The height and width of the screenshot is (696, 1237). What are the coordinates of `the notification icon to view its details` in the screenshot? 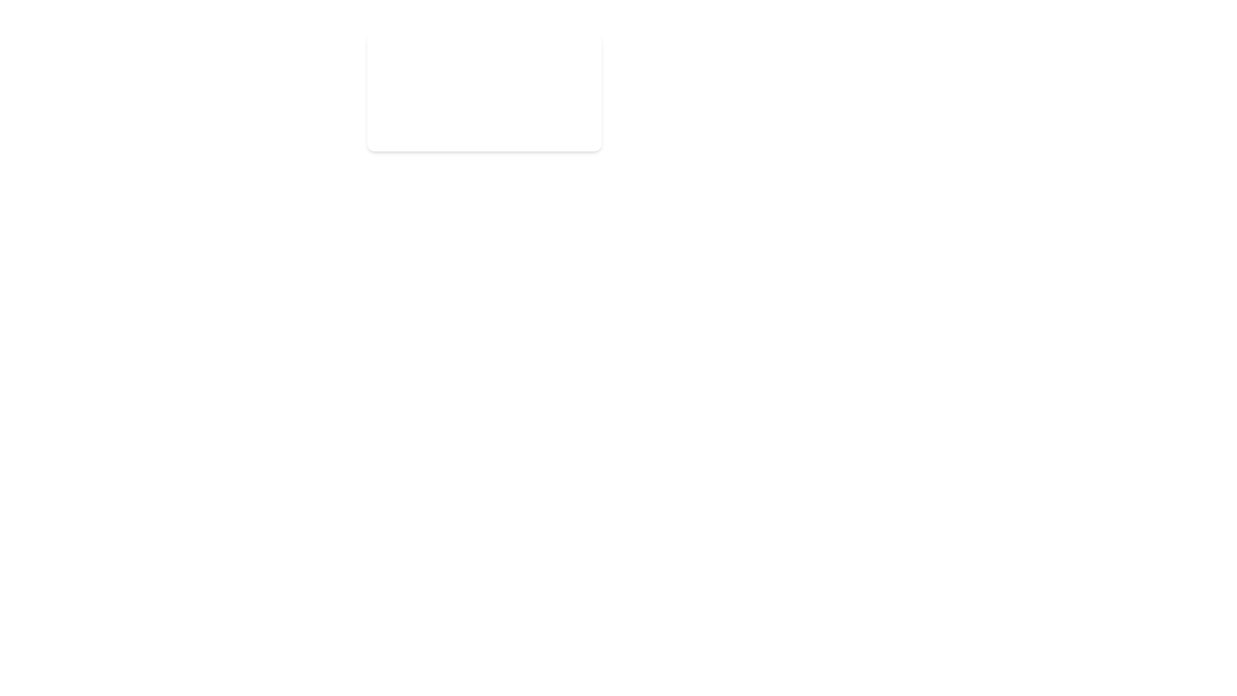 It's located at (392, 119).